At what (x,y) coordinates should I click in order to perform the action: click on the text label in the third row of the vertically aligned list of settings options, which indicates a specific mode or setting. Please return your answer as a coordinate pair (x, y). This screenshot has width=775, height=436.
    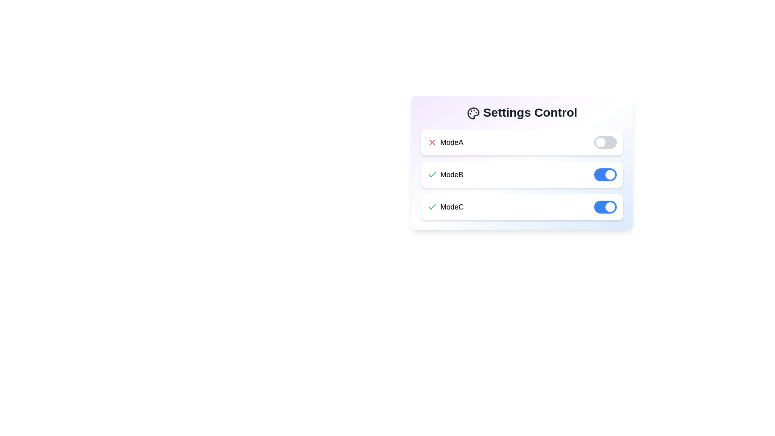
    Looking at the image, I should click on (445, 207).